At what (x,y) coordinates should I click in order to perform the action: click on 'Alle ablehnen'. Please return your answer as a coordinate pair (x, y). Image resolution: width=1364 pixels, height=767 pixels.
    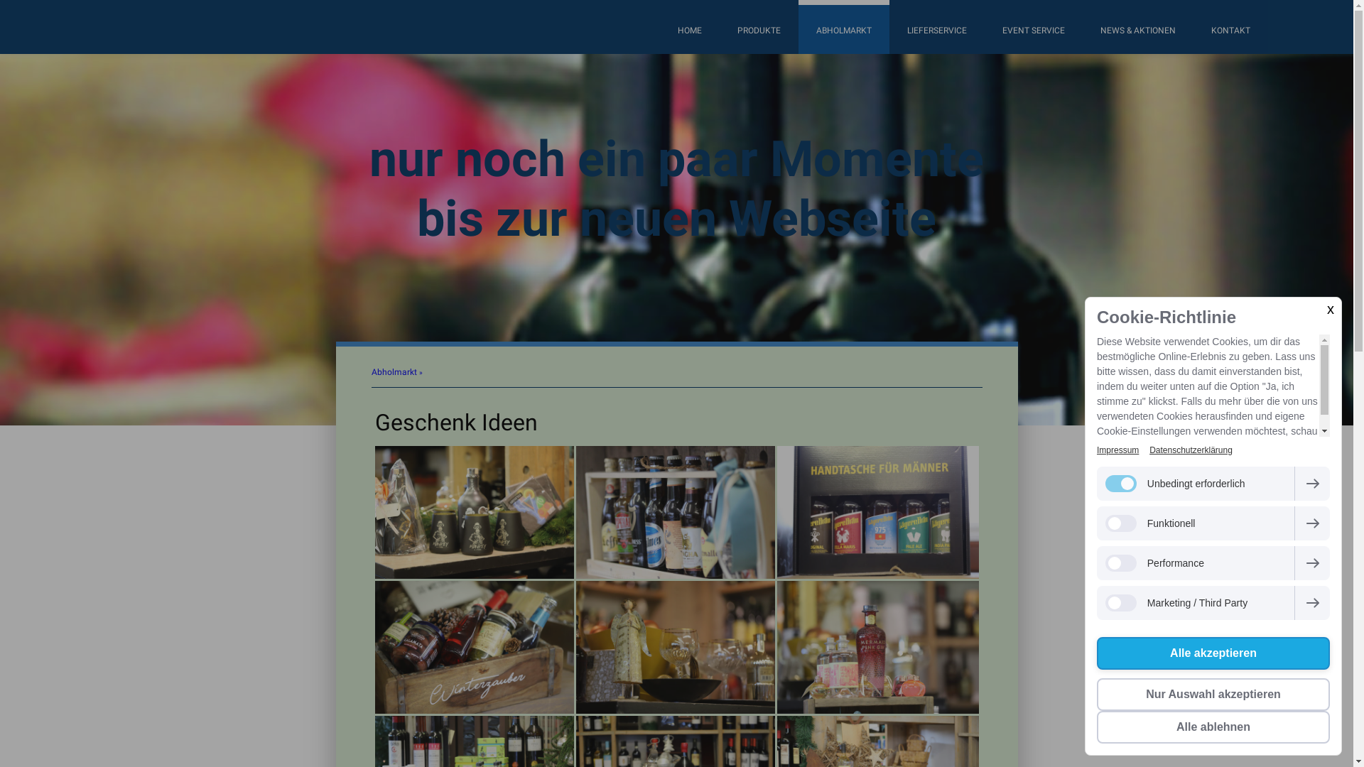
    Looking at the image, I should click on (1213, 727).